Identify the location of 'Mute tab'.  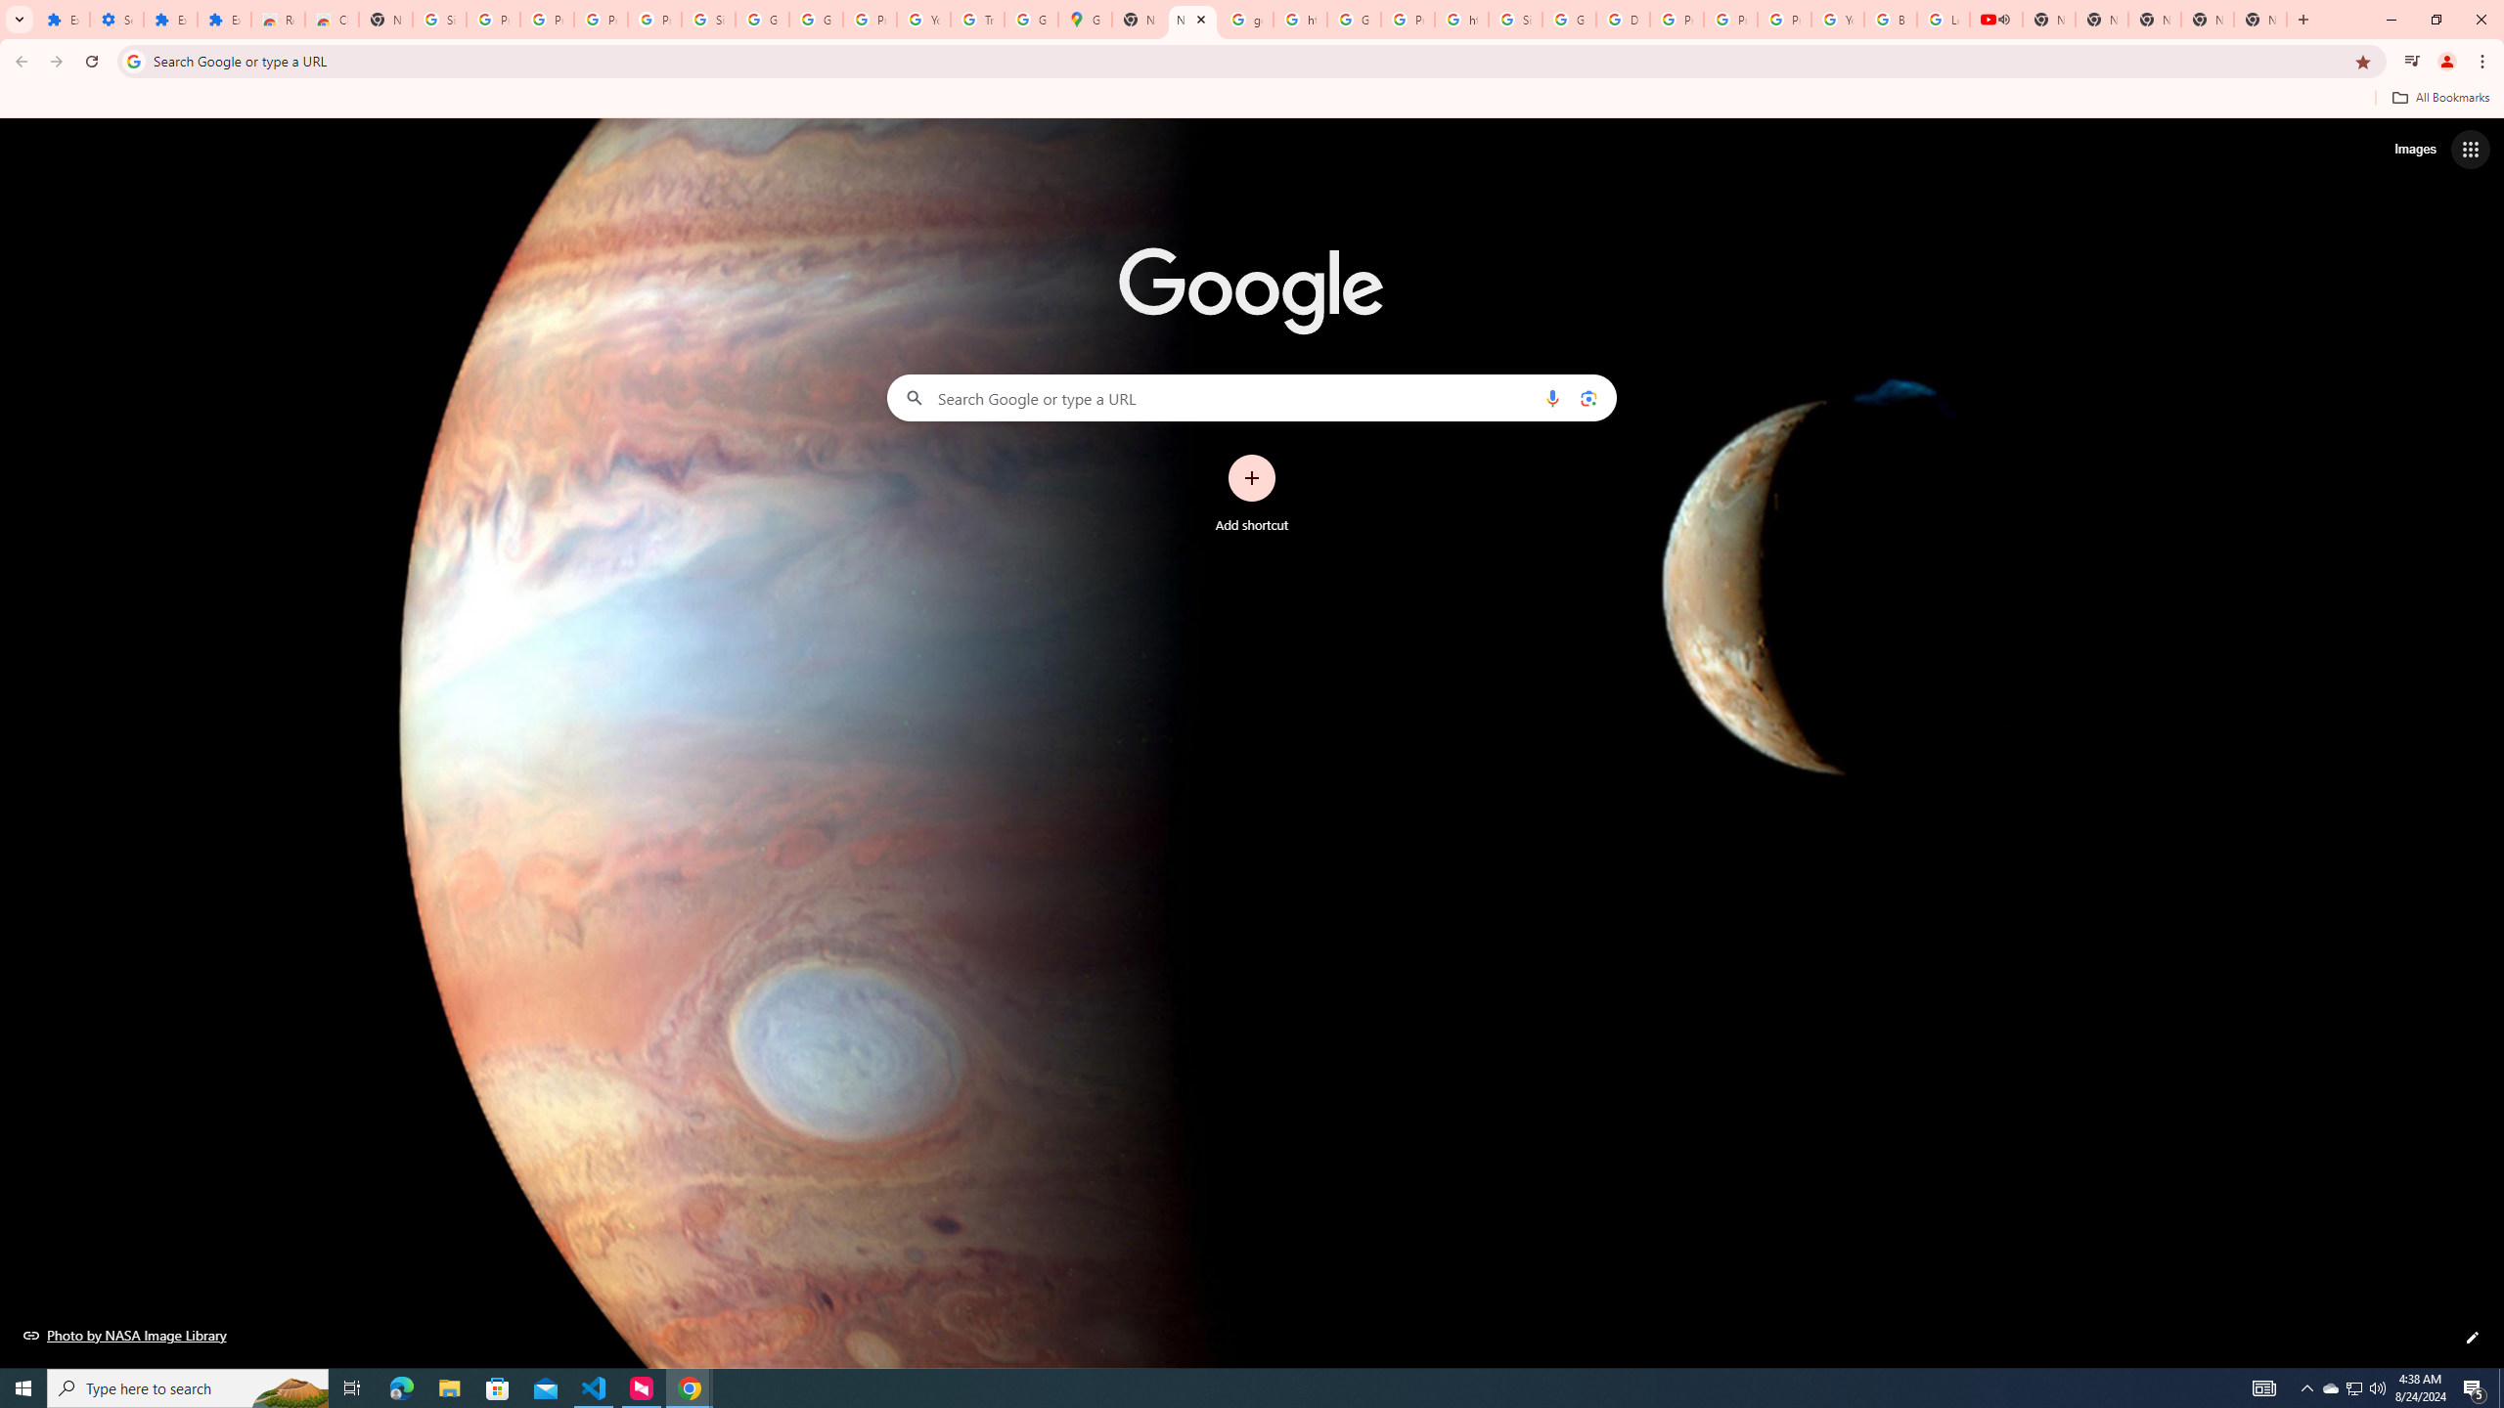
(2004, 19).